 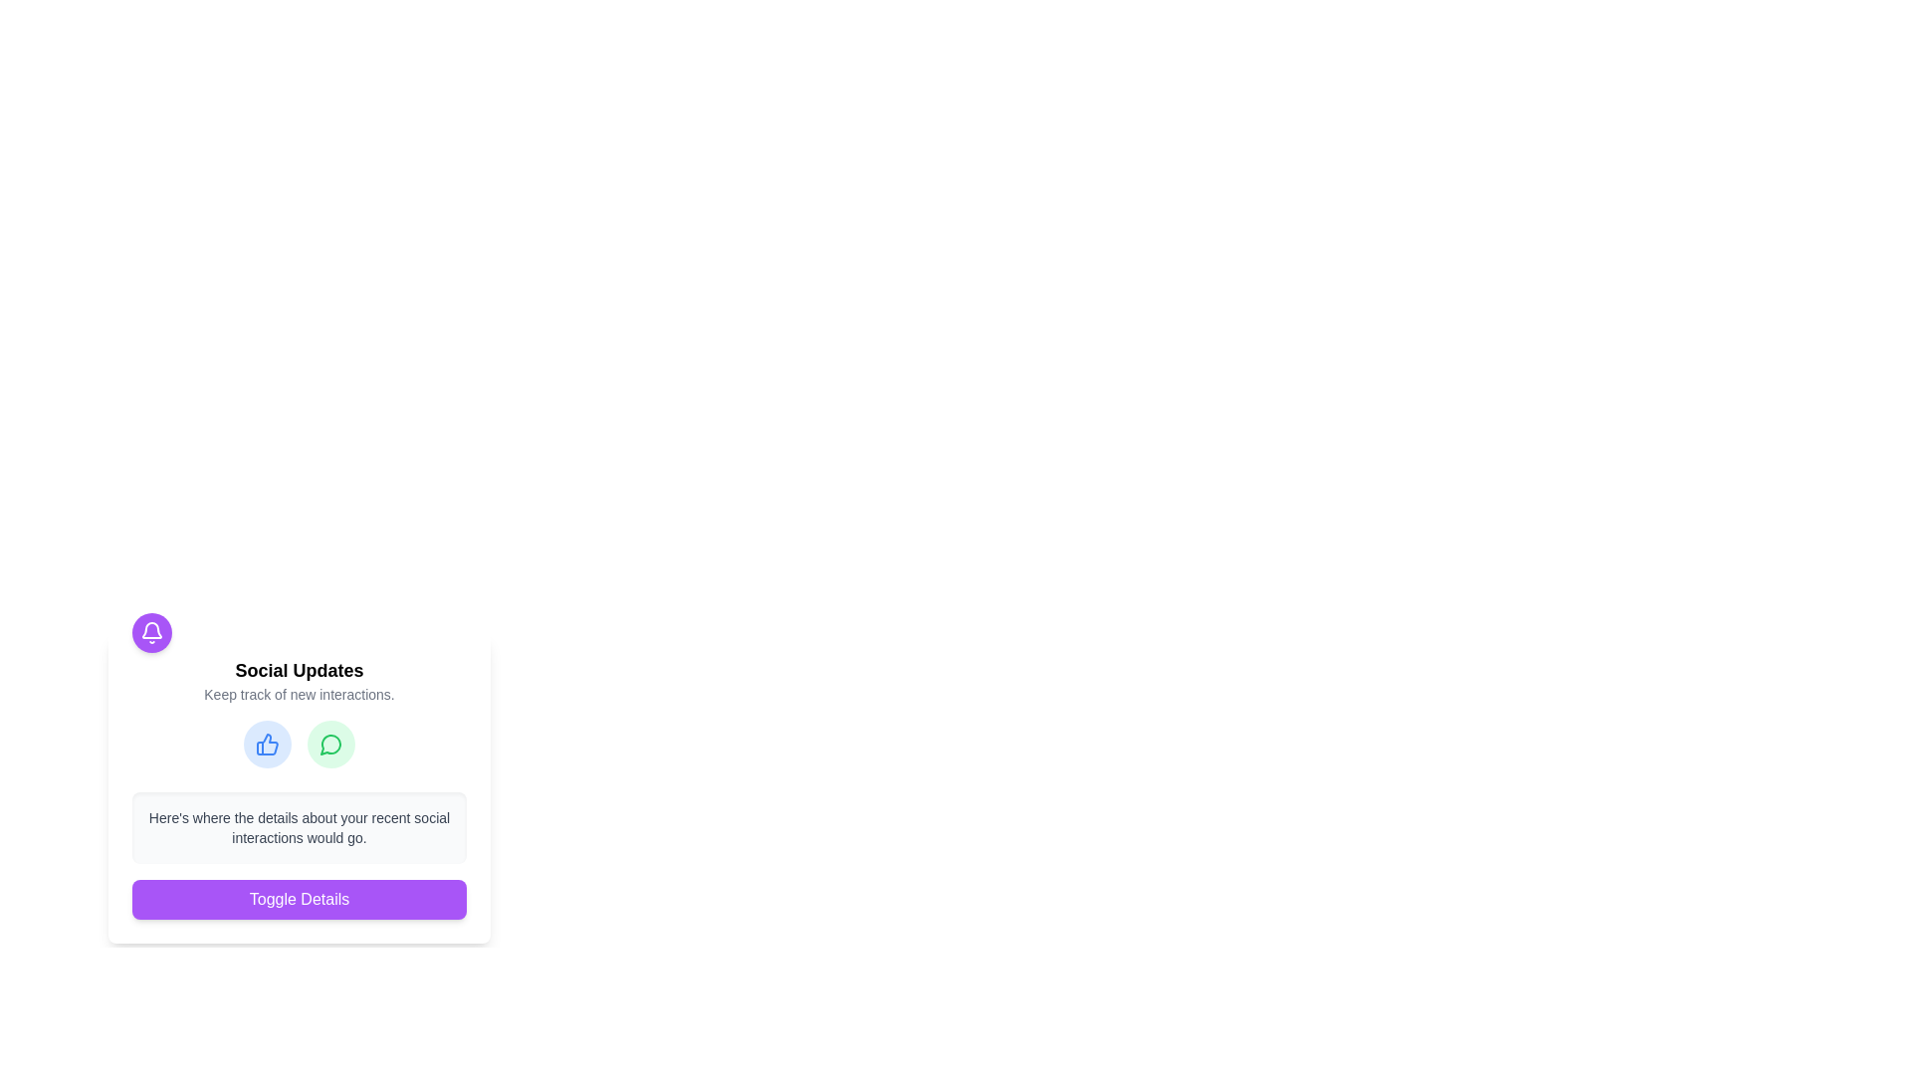 I want to click on the bell icon with a white outline on a purple circular background, located in the top-left area above the 'Social Updates' card component, so click(x=151, y=633).